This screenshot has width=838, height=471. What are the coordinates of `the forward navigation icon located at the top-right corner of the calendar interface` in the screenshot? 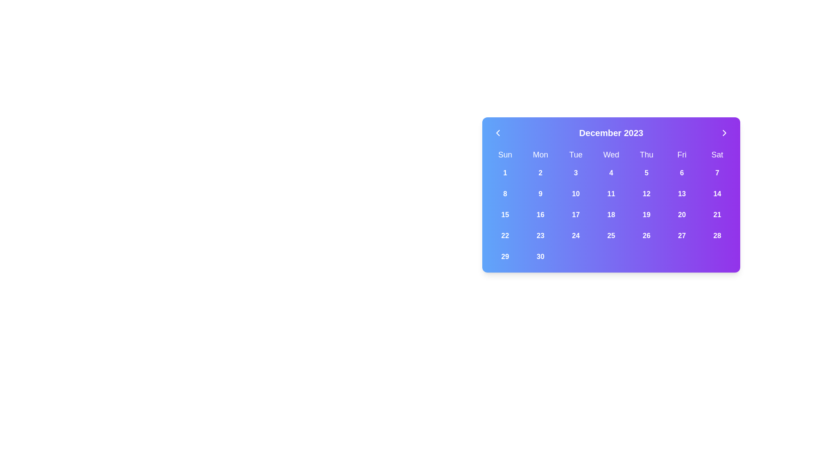 It's located at (725, 133).